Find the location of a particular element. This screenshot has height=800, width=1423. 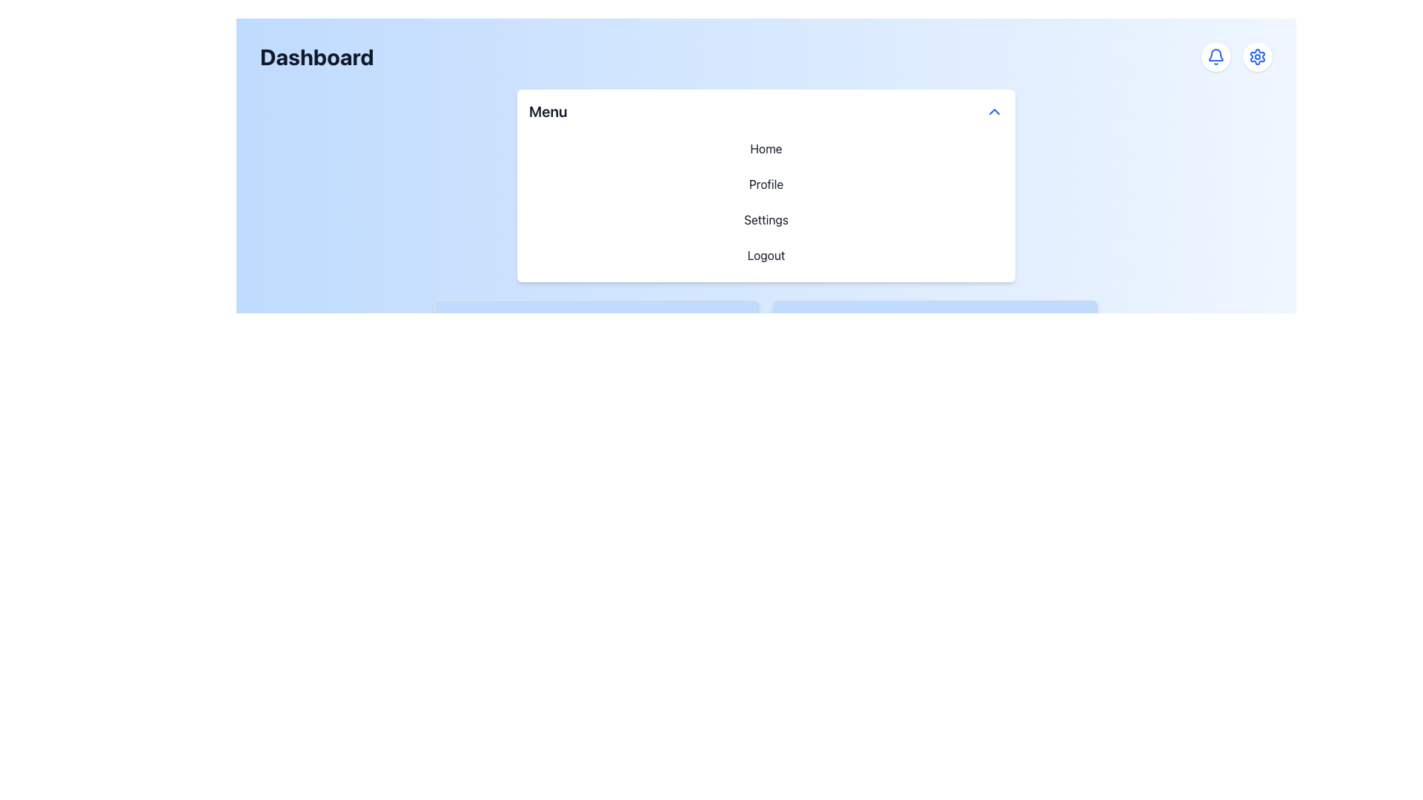

the settings icon, which is a blue outlined cog within a circular white button located at the top-right corner of the interface is located at coordinates (1257, 56).